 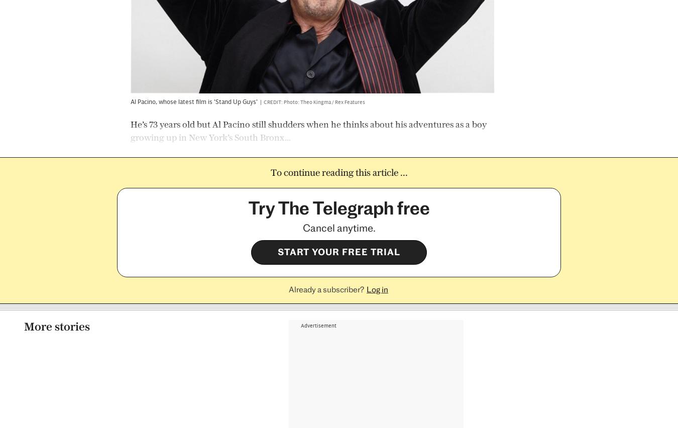 What do you see at coordinates (130, 394) in the screenshot?
I see `'9 Nov 2023, 1:52am'` at bounding box center [130, 394].